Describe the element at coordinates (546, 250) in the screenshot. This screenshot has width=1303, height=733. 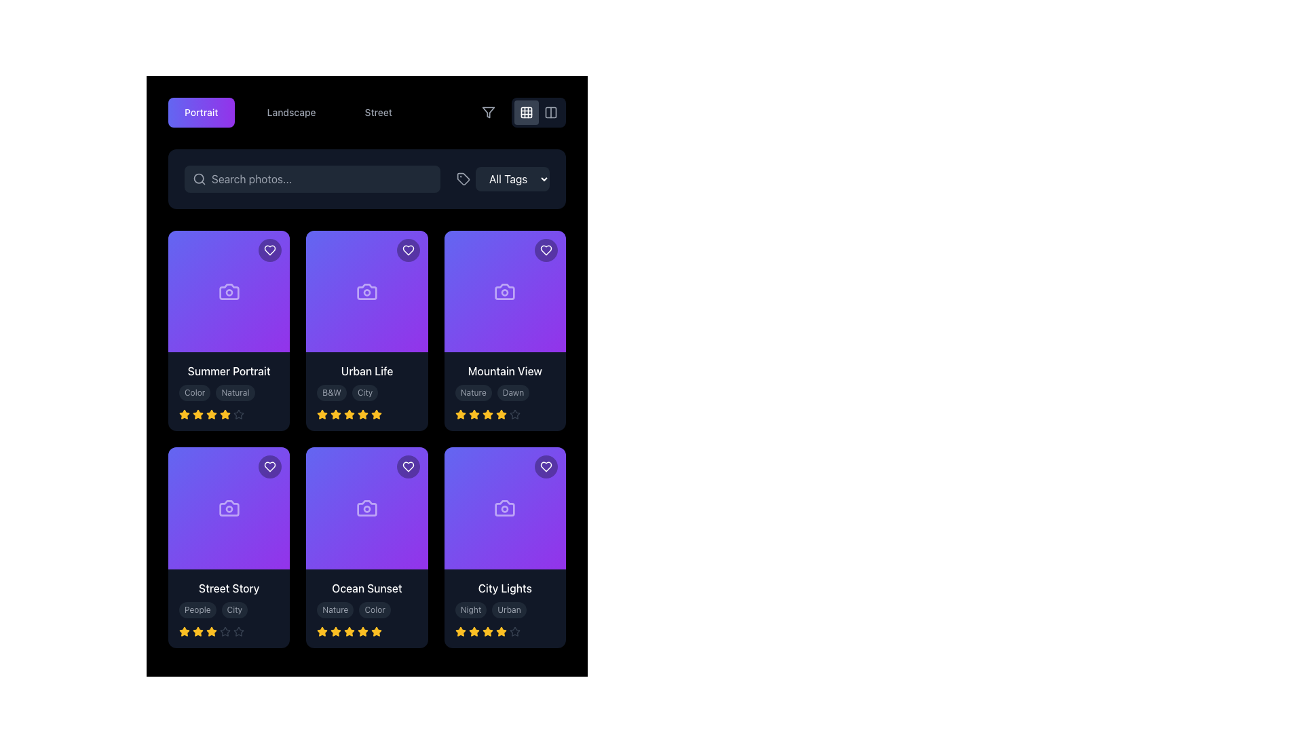
I see `the heart icon in the upper-right corner of the 'Mountain View' card to mark it as favorite` at that location.